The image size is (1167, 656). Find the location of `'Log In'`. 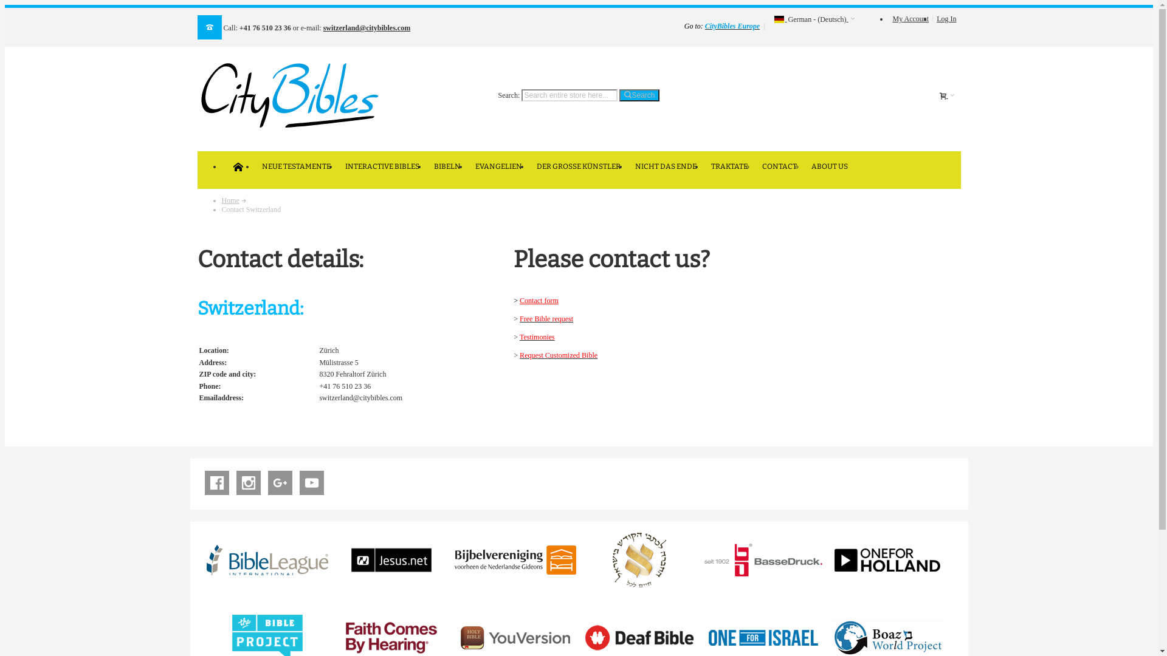

'Log In' is located at coordinates (945, 18).